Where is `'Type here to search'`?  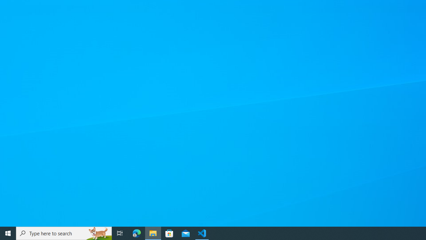 'Type here to search' is located at coordinates (64, 233).